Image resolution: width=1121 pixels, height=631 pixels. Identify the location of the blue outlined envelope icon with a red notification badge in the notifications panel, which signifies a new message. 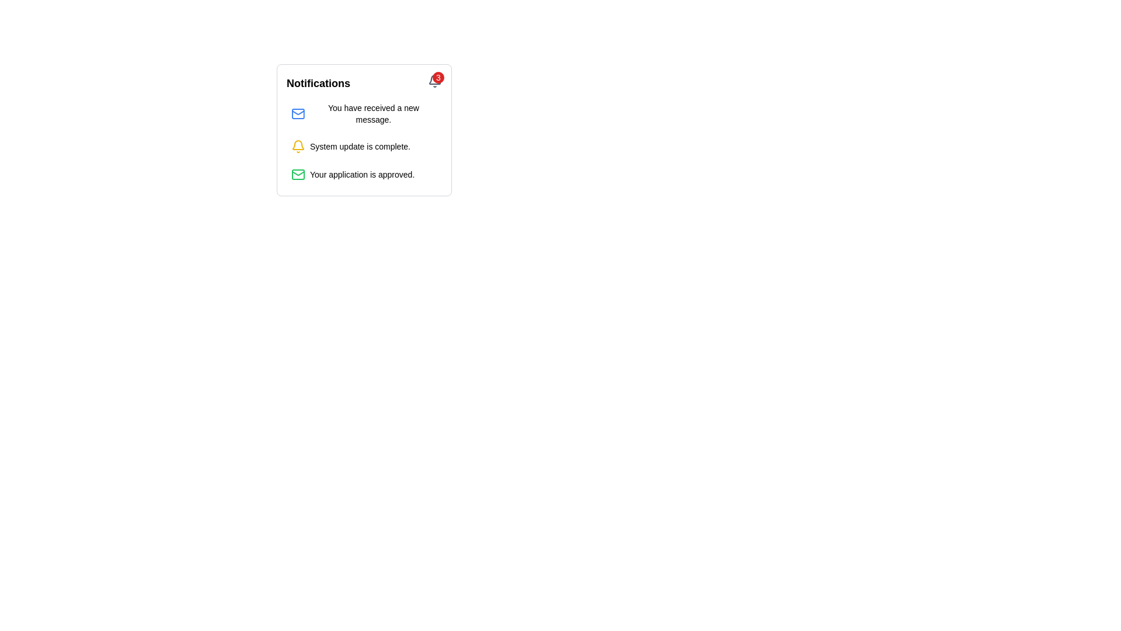
(298, 114).